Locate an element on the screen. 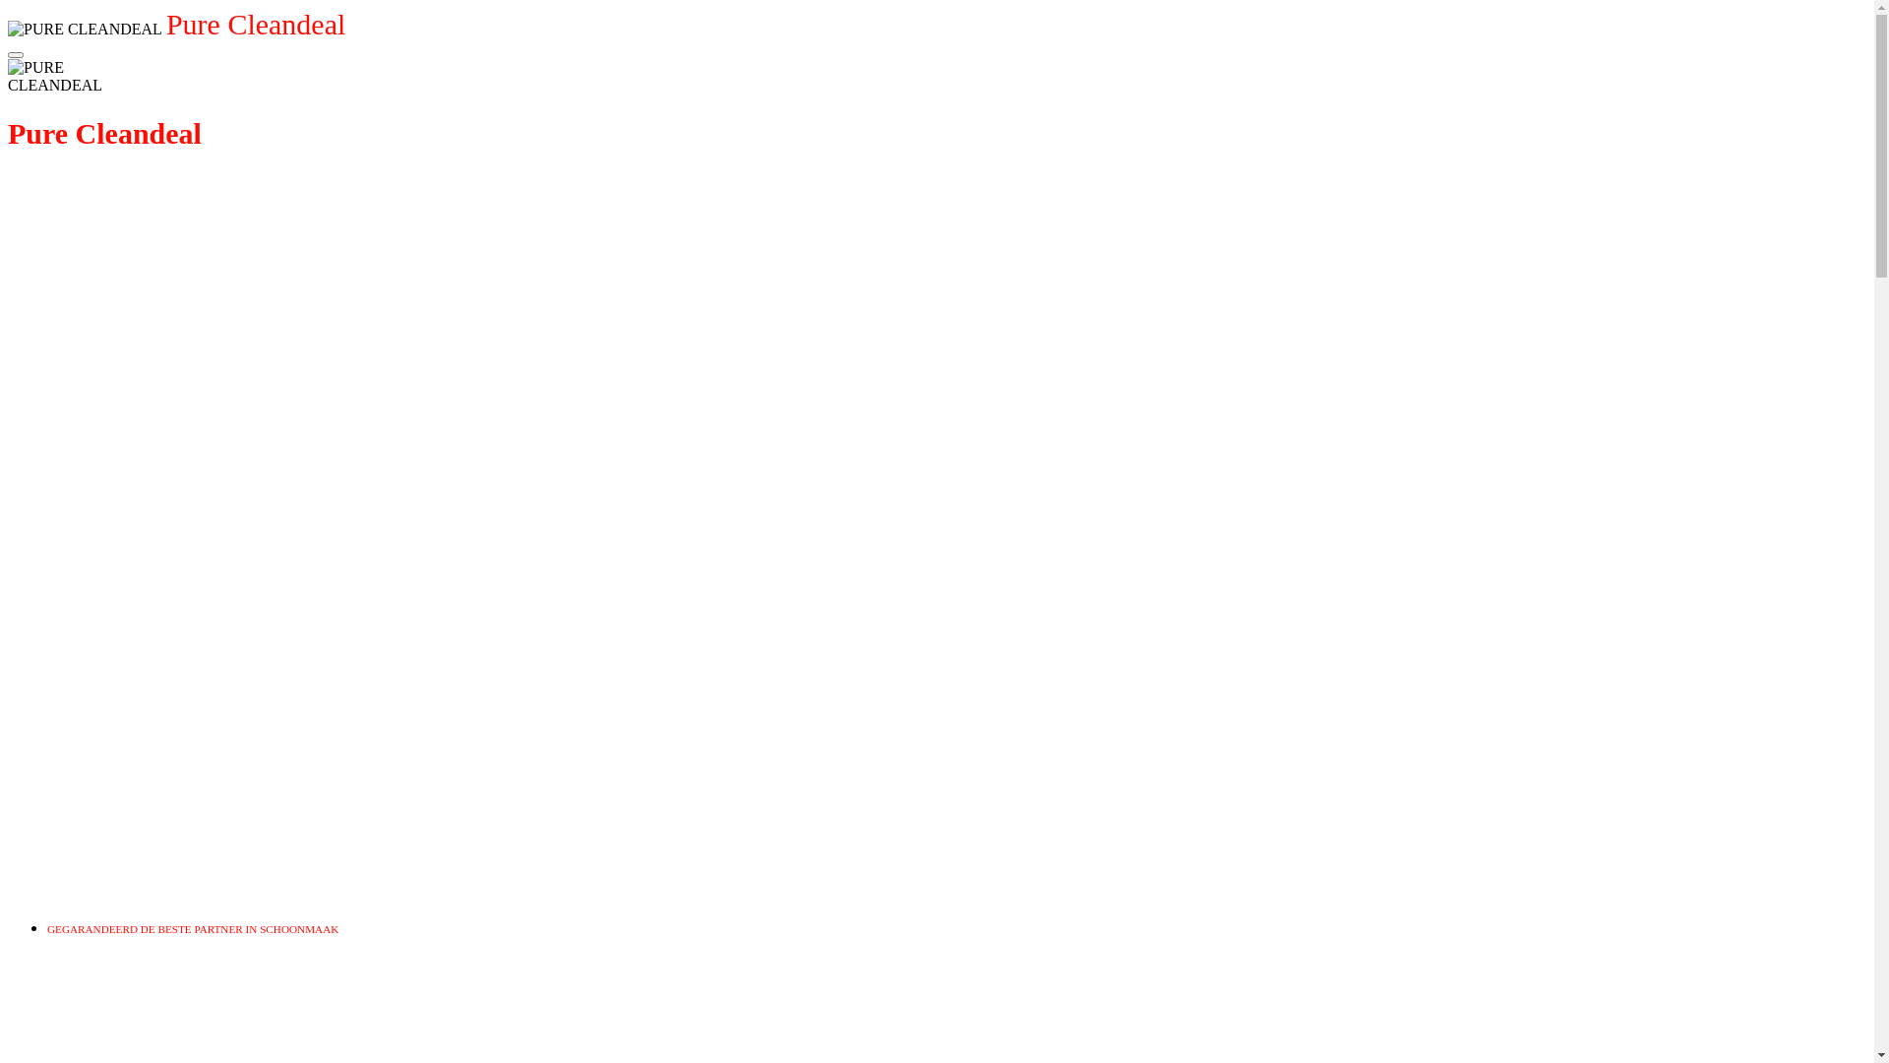  'PURE CLEANDEAL' is located at coordinates (84, 30).